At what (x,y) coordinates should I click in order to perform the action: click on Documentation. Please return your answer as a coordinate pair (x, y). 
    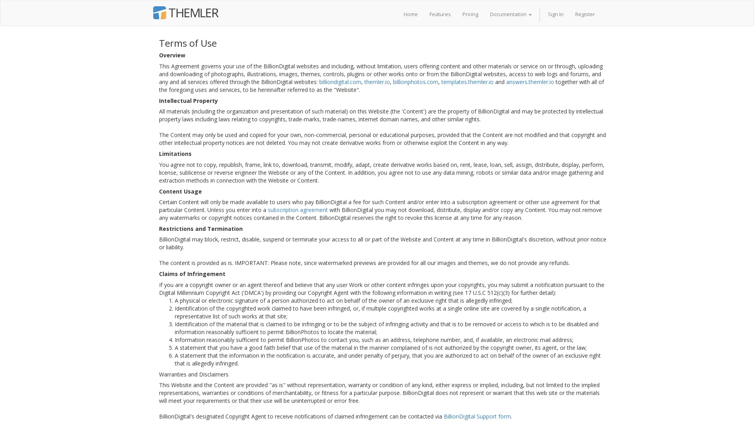
    Looking at the image, I should click on (511, 14).